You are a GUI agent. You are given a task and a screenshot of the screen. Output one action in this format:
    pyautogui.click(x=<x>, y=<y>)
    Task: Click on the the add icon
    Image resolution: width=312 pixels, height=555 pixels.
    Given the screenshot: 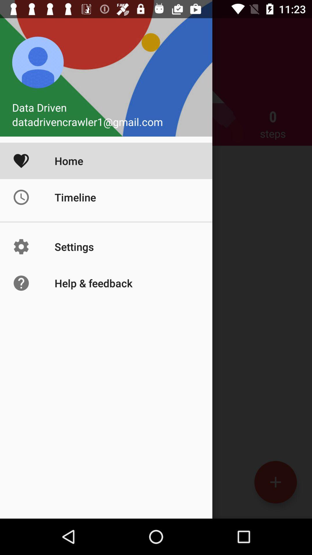 What is the action you would take?
    pyautogui.click(x=275, y=482)
    